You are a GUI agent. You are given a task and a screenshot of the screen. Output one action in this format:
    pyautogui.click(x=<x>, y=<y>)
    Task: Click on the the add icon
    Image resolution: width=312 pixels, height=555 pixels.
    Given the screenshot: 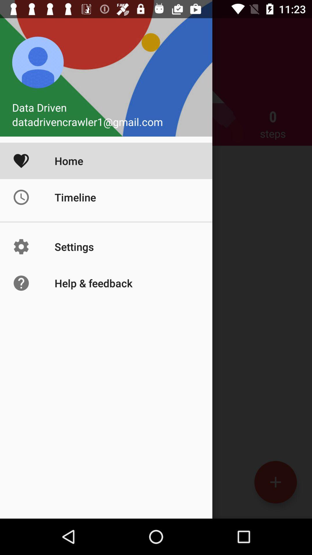 What is the action you would take?
    pyautogui.click(x=275, y=482)
    